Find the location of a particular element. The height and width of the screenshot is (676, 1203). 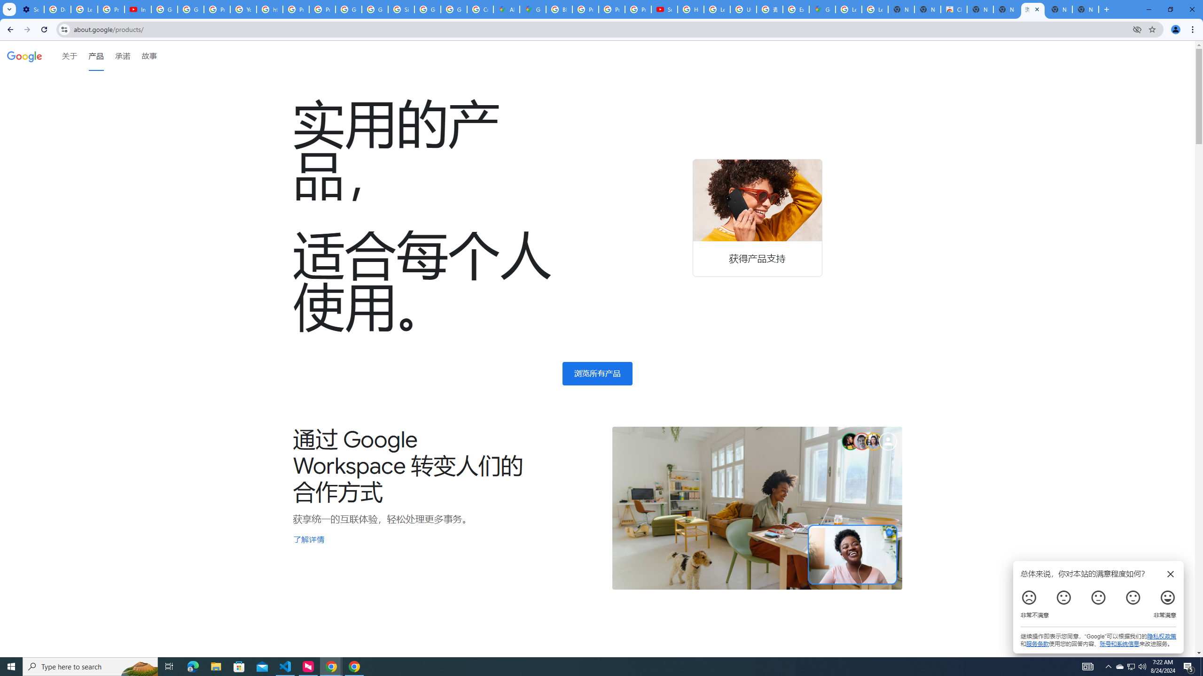

'Blogger Policies and Guidelines - Transparency Center' is located at coordinates (559, 9).